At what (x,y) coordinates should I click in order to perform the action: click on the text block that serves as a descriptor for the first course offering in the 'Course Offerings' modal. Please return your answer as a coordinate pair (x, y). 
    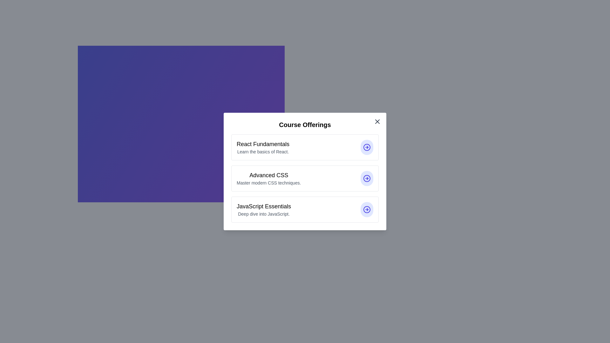
    Looking at the image, I should click on (263, 147).